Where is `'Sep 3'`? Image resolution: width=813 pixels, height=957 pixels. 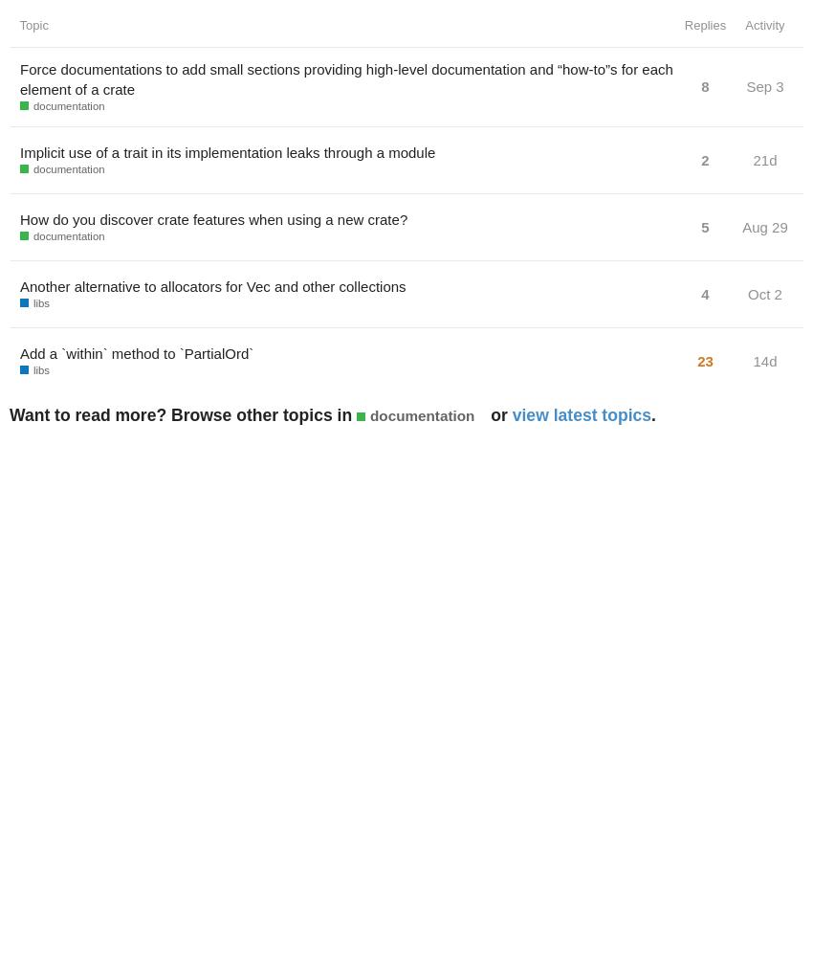
'Sep 3' is located at coordinates (763, 85).